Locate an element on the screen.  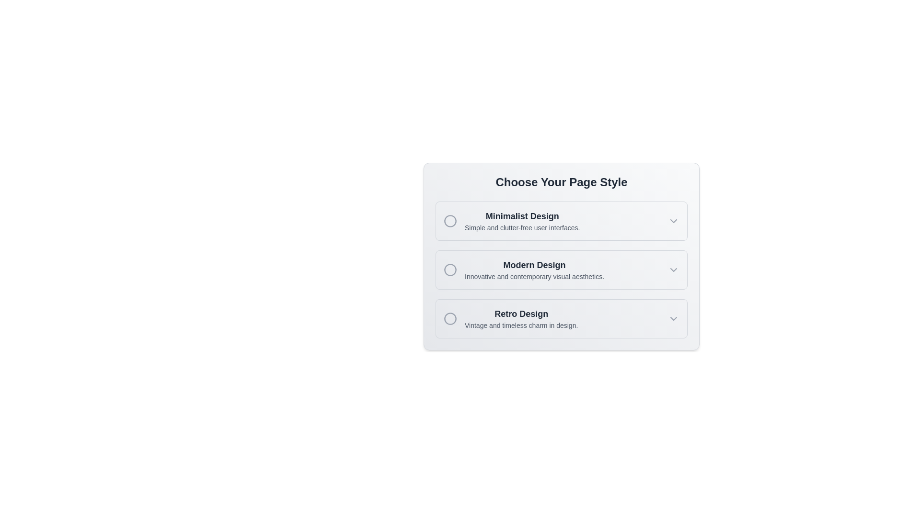
the radio button indicating the 'Retro Design' option in the 'Choose Your Page Style' section is located at coordinates (450, 319).